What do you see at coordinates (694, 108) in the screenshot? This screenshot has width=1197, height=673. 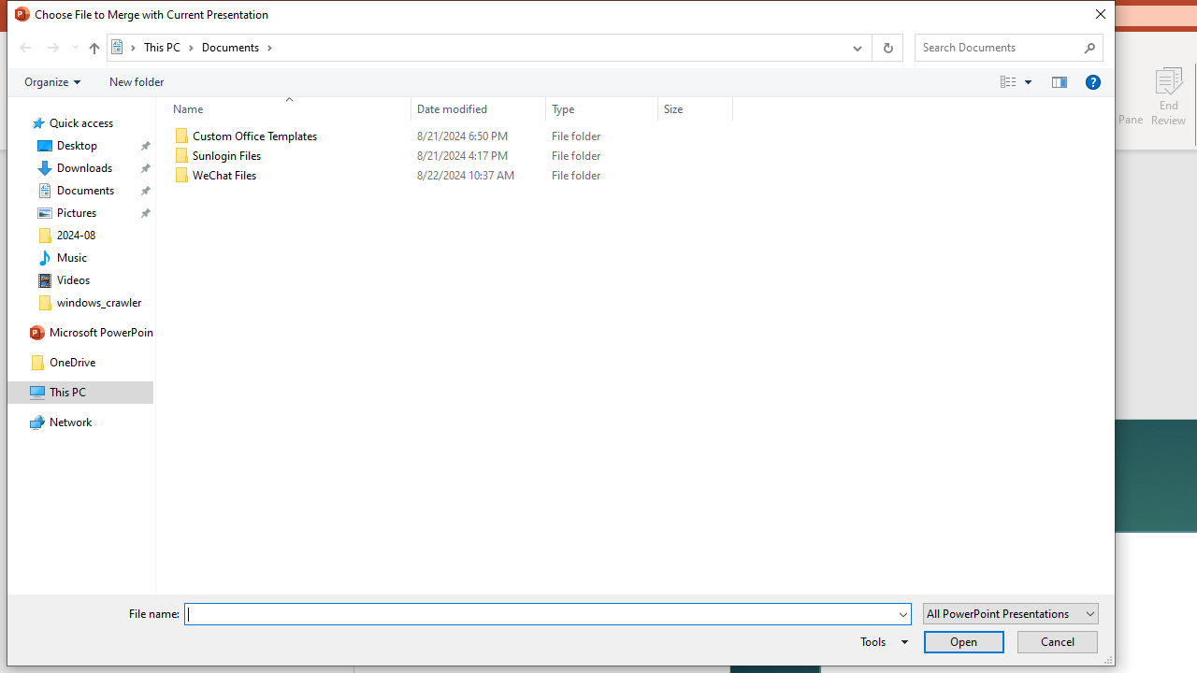 I see `'Size'` at bounding box center [694, 108].